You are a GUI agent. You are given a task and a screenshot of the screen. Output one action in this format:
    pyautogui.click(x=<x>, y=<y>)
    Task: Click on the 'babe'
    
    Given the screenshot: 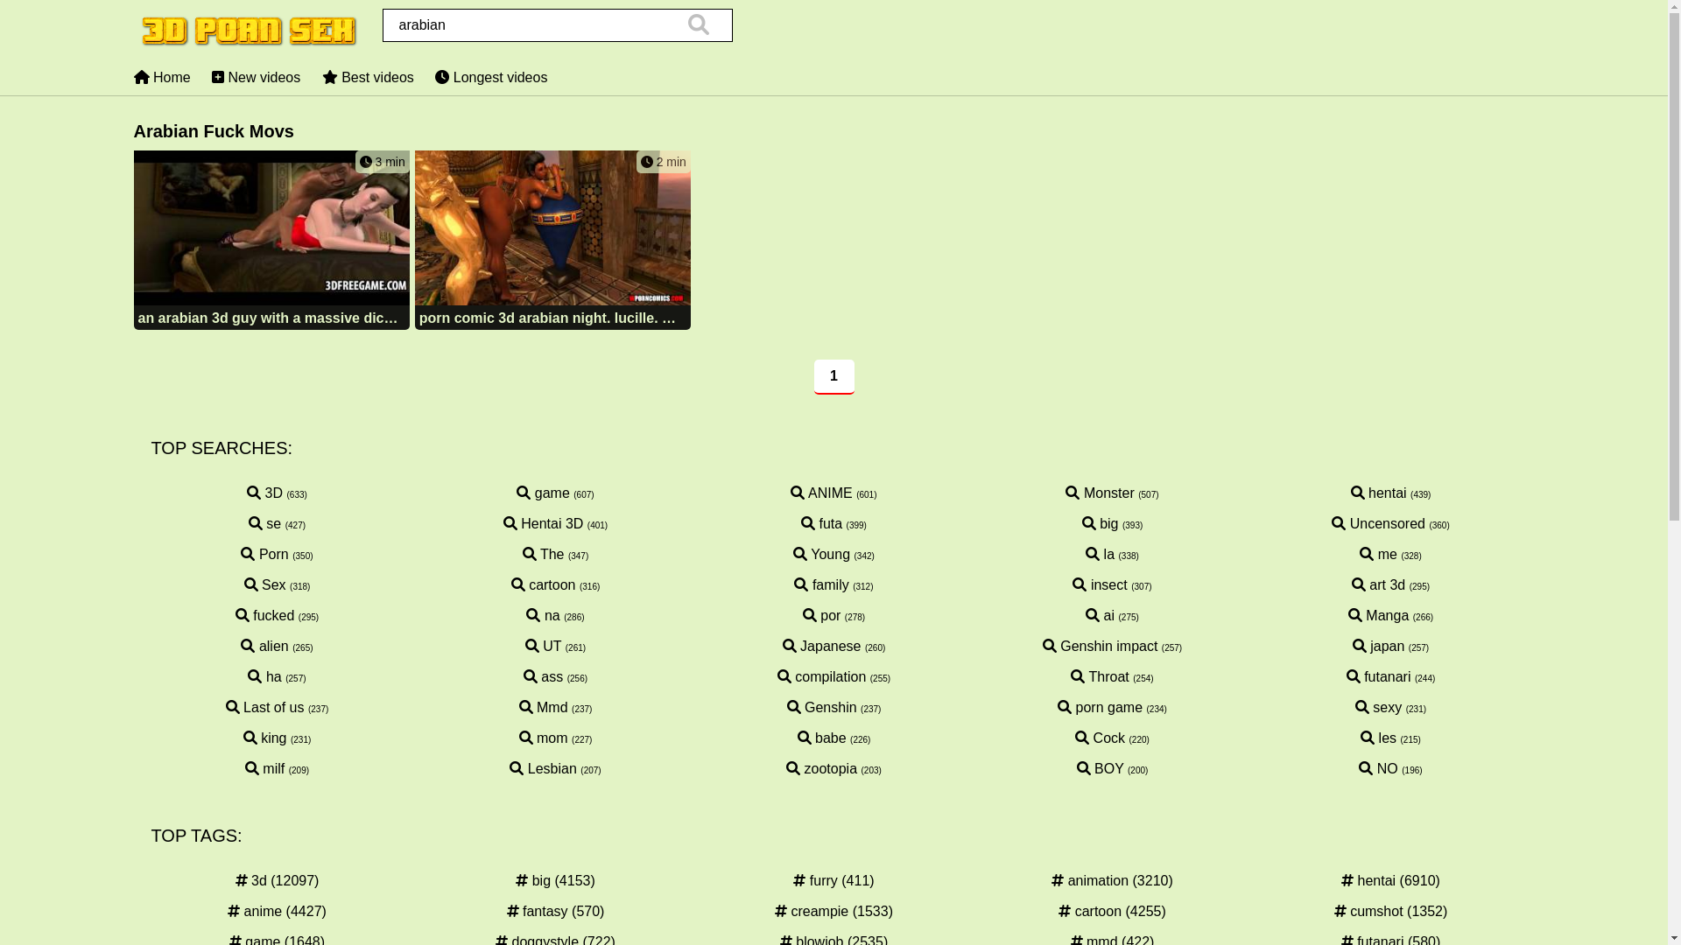 What is the action you would take?
    pyautogui.click(x=821, y=738)
    